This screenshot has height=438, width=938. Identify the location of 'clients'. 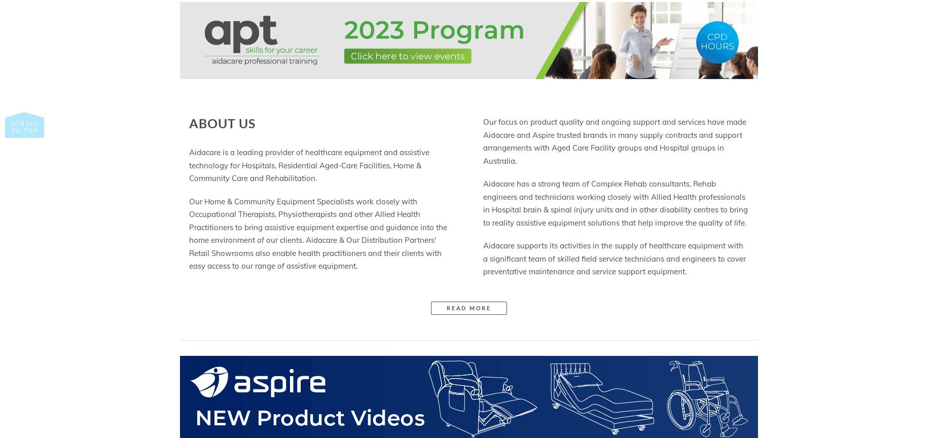
(413, 252).